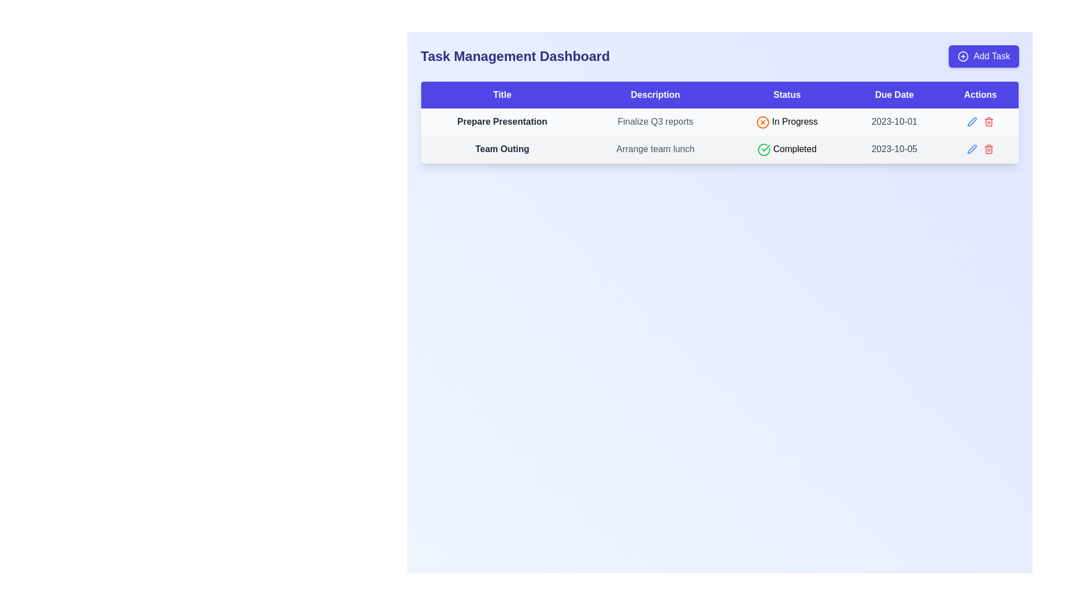  What do you see at coordinates (501, 149) in the screenshot?
I see `the Text Label in the 'Title' column of the second row in the 'Task Management Dashboard', which identifies the task` at bounding box center [501, 149].